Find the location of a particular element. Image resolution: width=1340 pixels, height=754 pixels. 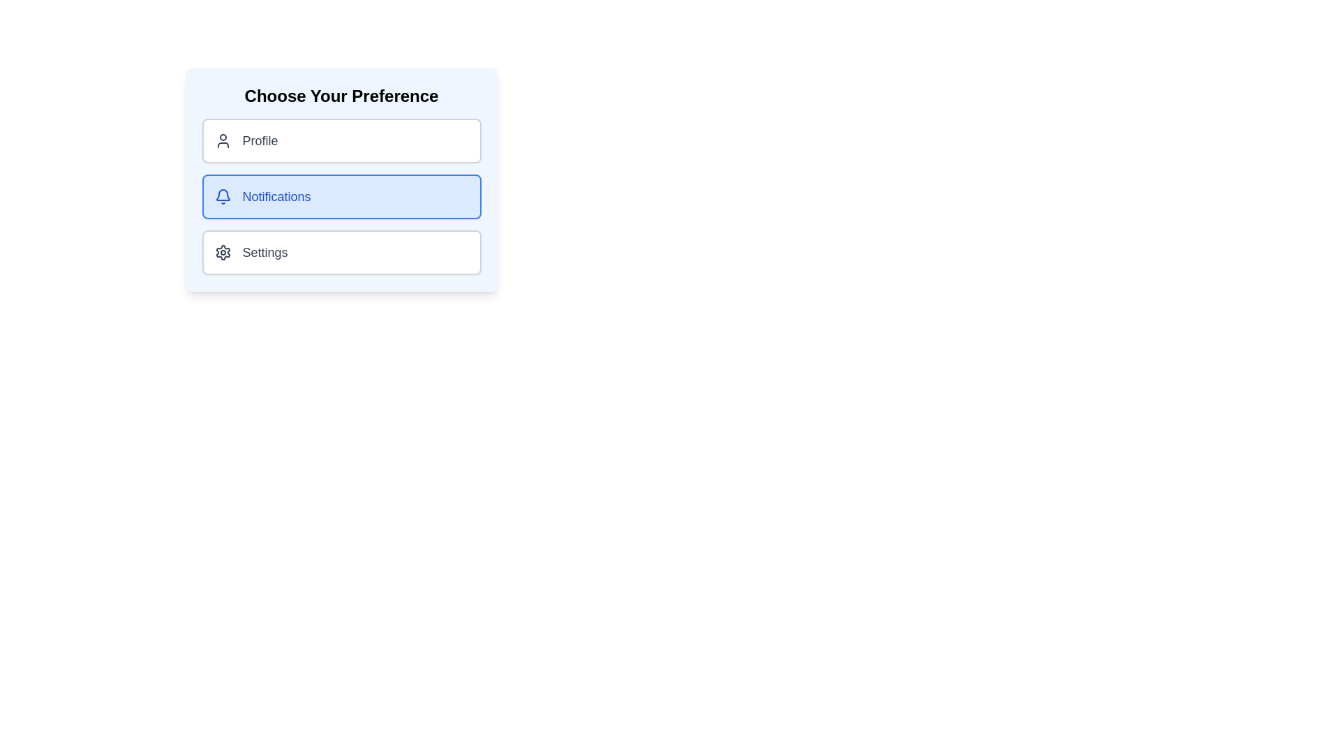

the text label 'Choose Your Preference', which is prominently displayed at the top of the card-like interface, serving as the section title is located at coordinates (341, 96).